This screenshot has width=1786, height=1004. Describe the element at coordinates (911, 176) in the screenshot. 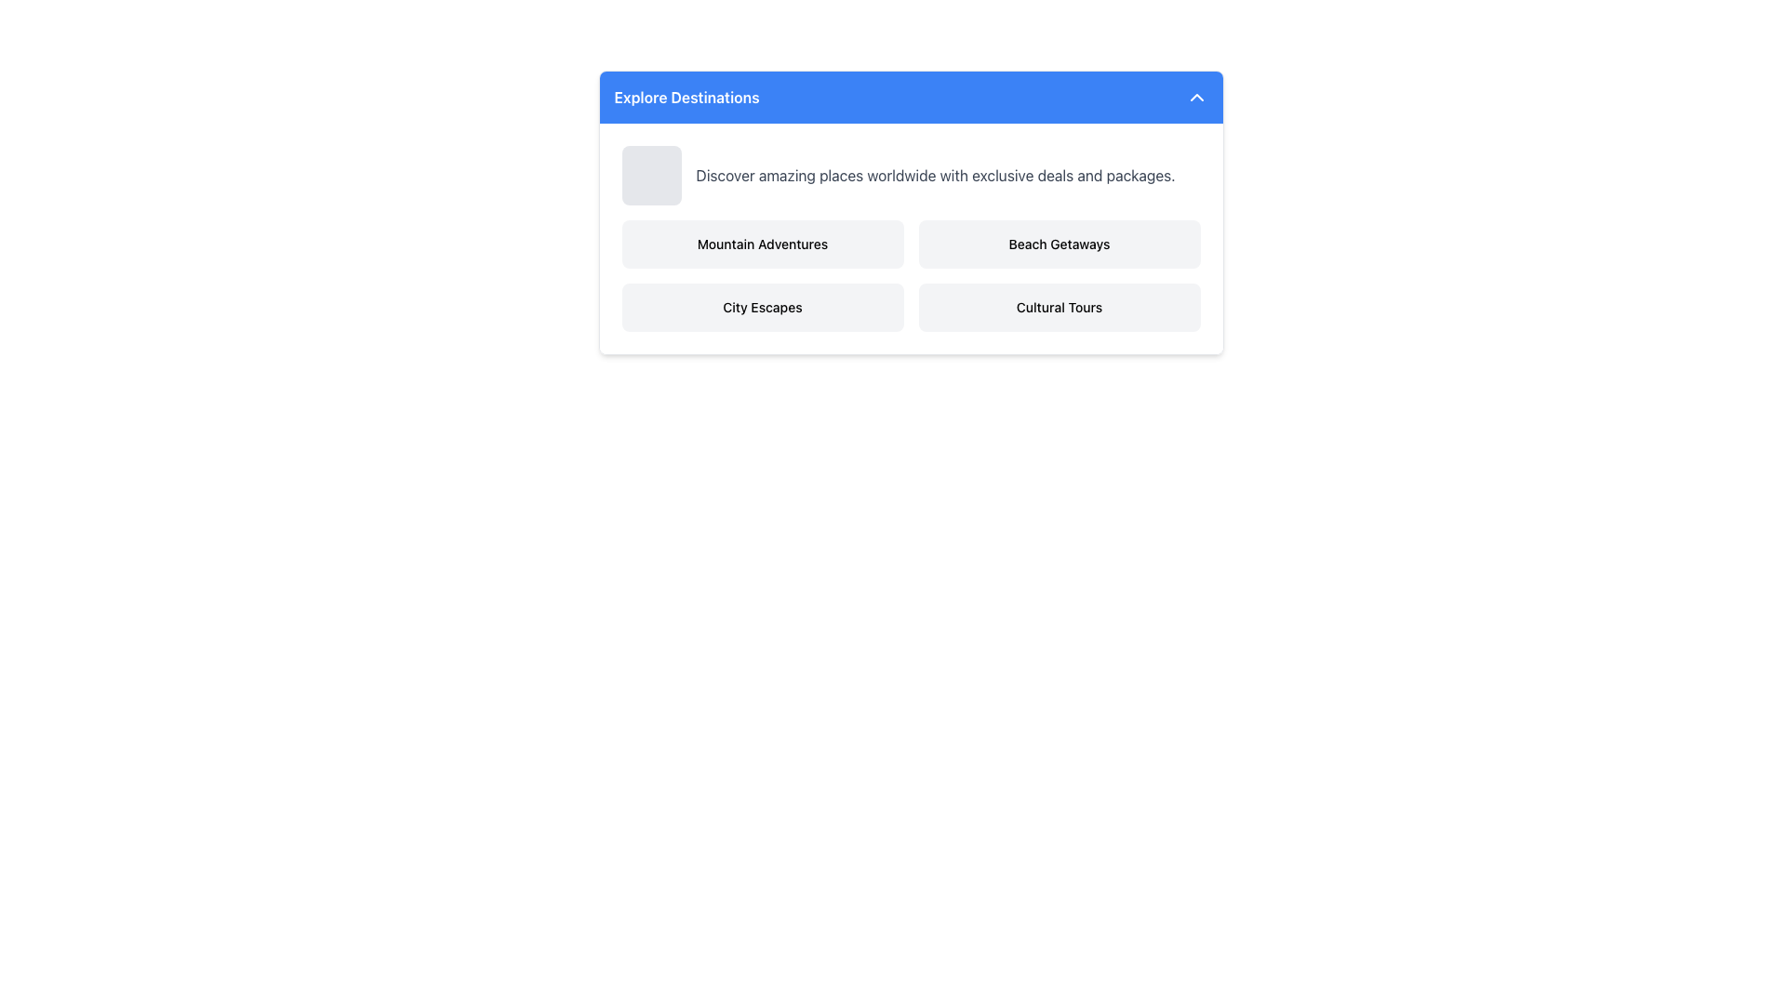

I see `introductory text with a decorative icon located under the heading 'Explore Destinations', positioned in the first row of content just below the header` at that location.